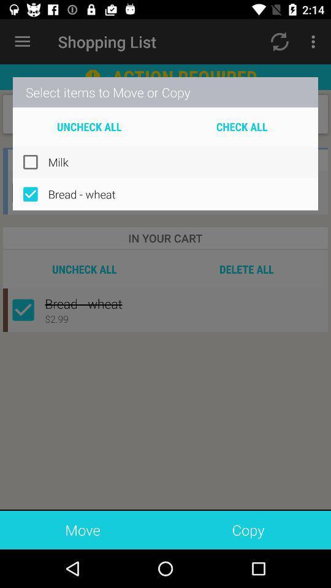  Describe the element at coordinates (165, 91) in the screenshot. I see `the item above uncheck all item` at that location.